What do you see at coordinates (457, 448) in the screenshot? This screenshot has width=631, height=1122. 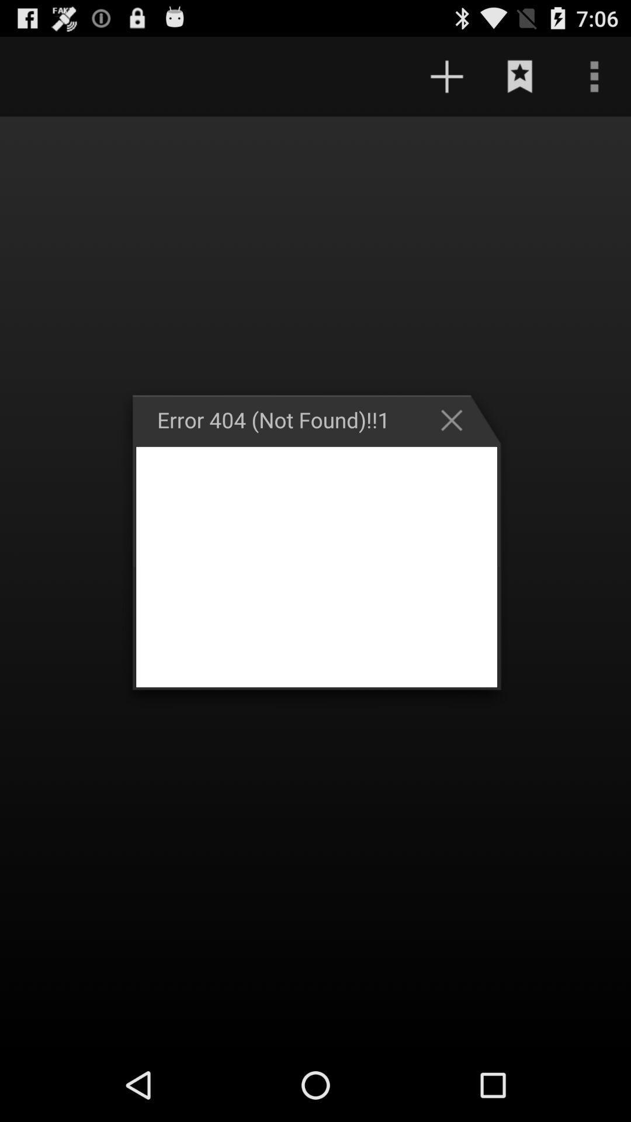 I see `the close icon` at bounding box center [457, 448].